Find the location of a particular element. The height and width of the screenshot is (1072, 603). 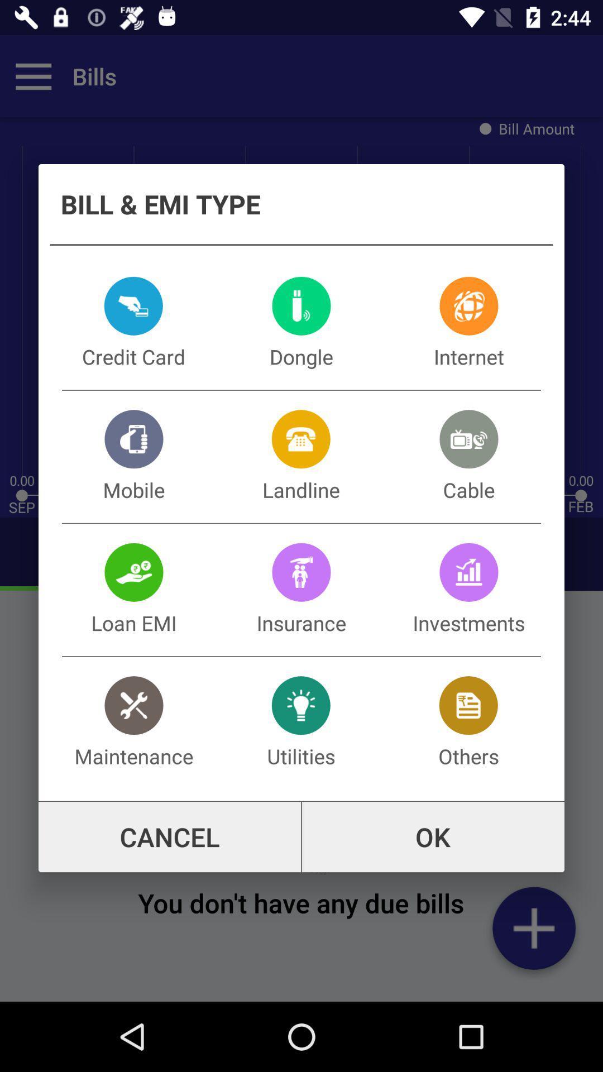

cancel item is located at coordinates (170, 837).